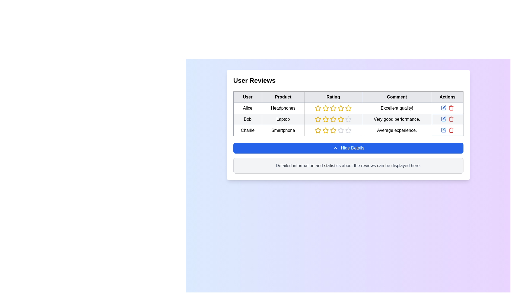  Describe the element at coordinates (348, 165) in the screenshot. I see `the text label that displays 'Detailed information and statistics about the reviews can be displayed here.' positioned on a light gray background below the 'Hide Details' button` at that location.